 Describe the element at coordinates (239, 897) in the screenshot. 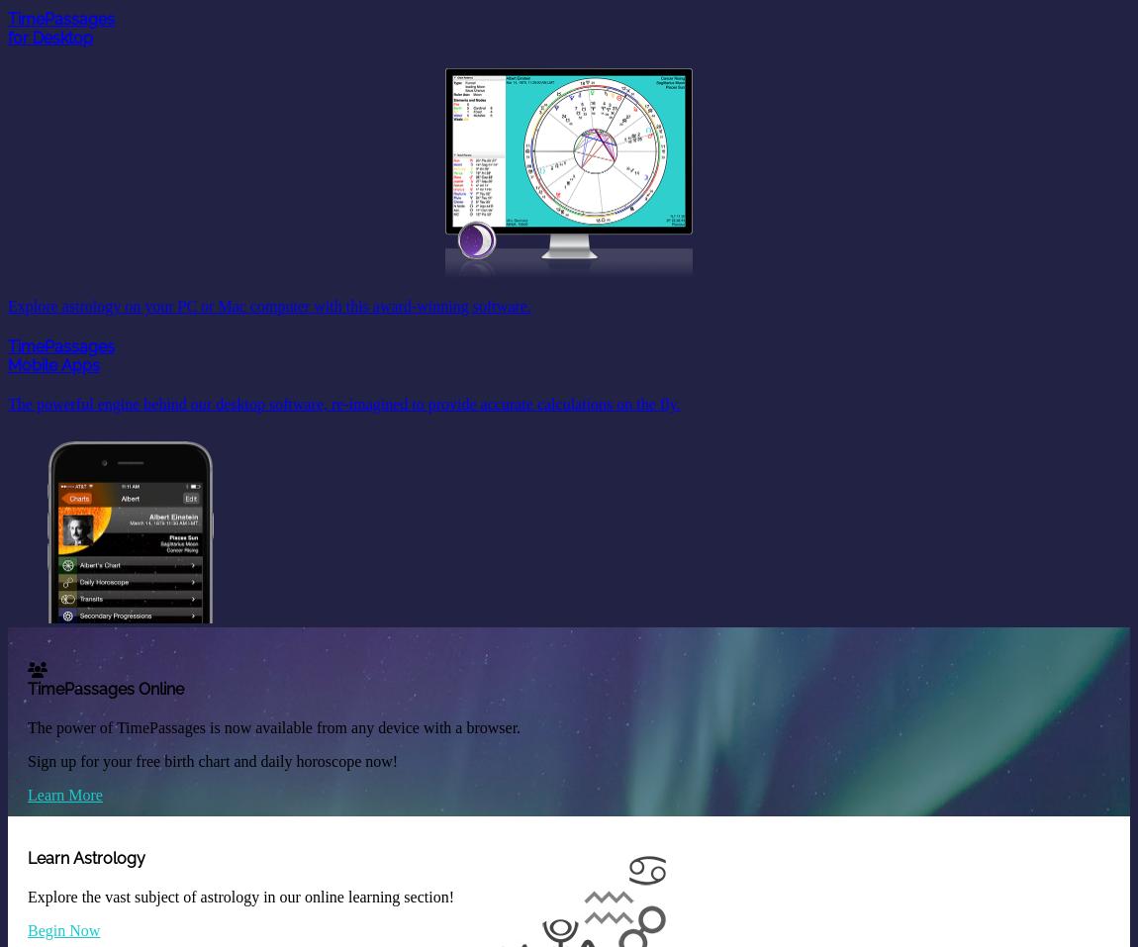

I see `'Explore the vast subject of astrology in our online learning section!'` at that location.